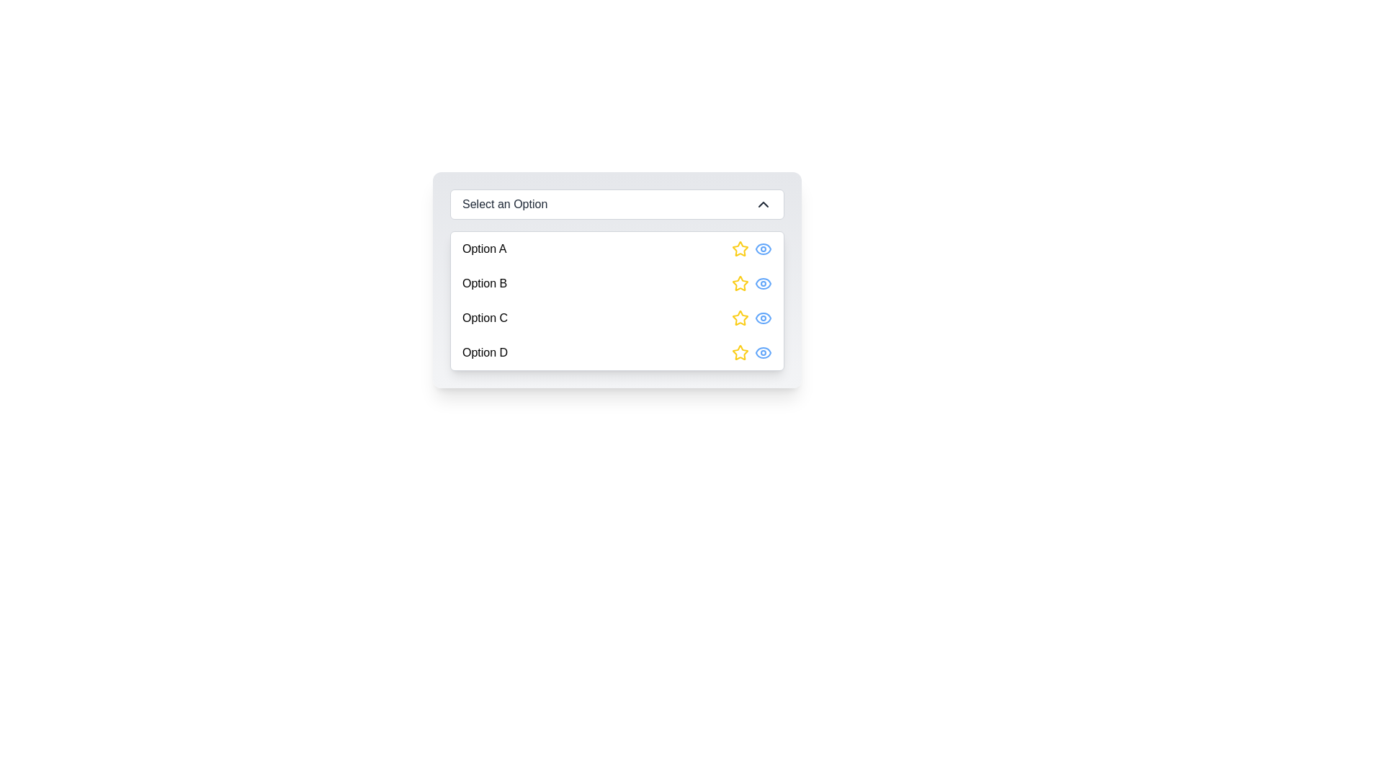 This screenshot has height=778, width=1383. Describe the element at coordinates (740, 283) in the screenshot. I see `the star-shaped icon with a yellow outline, which is aligned with the text 'Option B'` at that location.